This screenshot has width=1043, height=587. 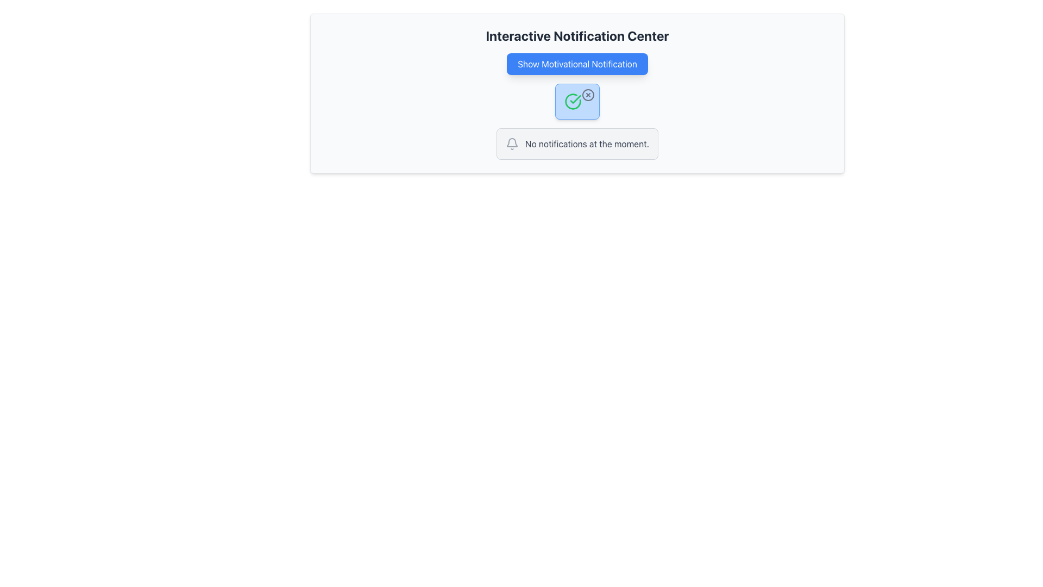 What do you see at coordinates (511, 143) in the screenshot?
I see `the notification icon located to the left of the 'No notifications at the moment.' message for interaction` at bounding box center [511, 143].